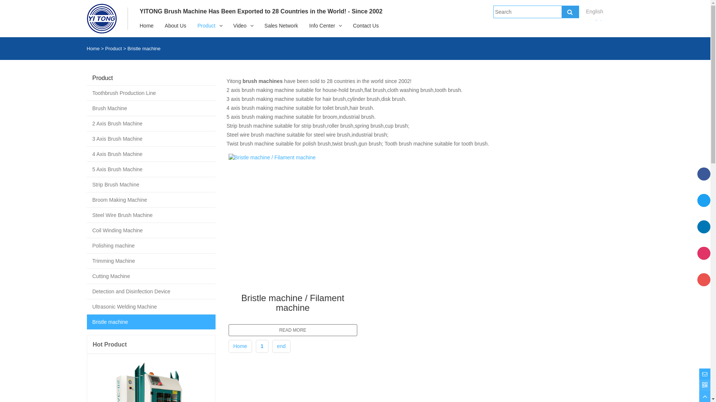  Describe the element at coordinates (365, 25) in the screenshot. I see `'Contact Us'` at that location.